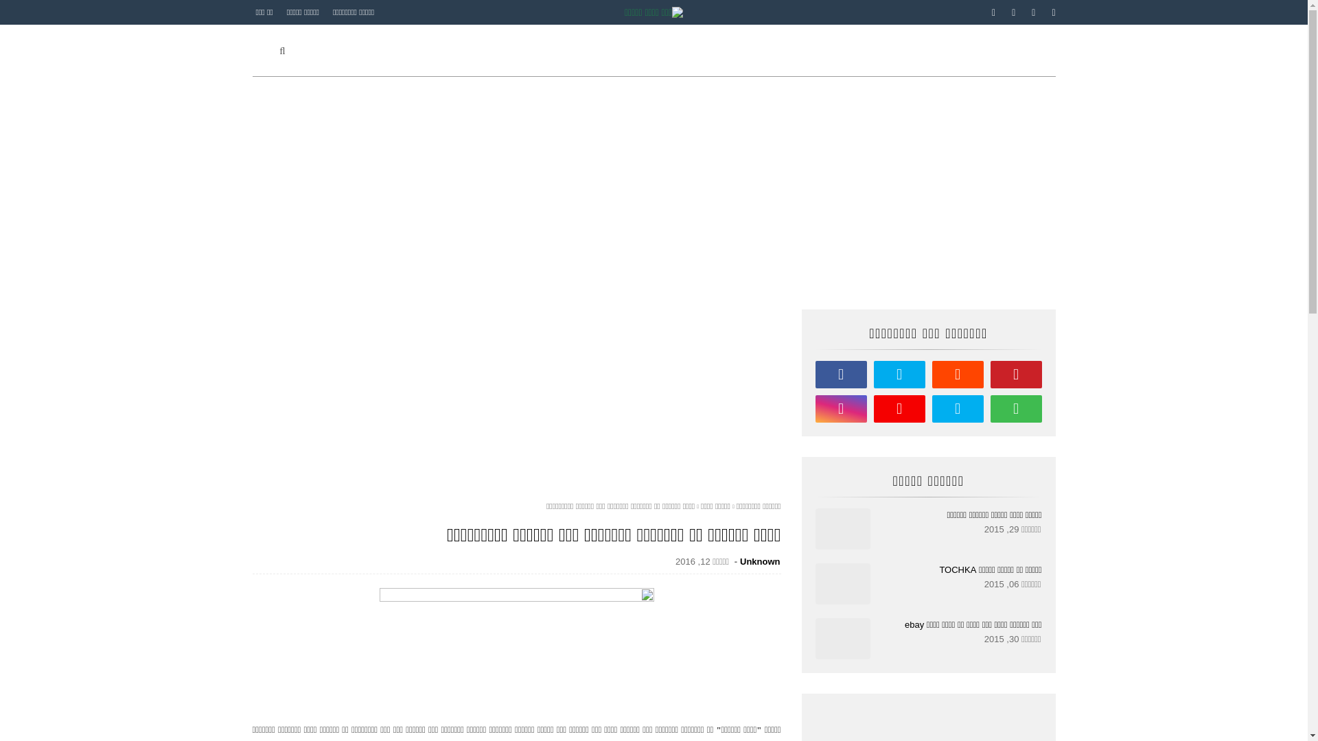  Describe the element at coordinates (899, 375) in the screenshot. I see `'twitter'` at that location.